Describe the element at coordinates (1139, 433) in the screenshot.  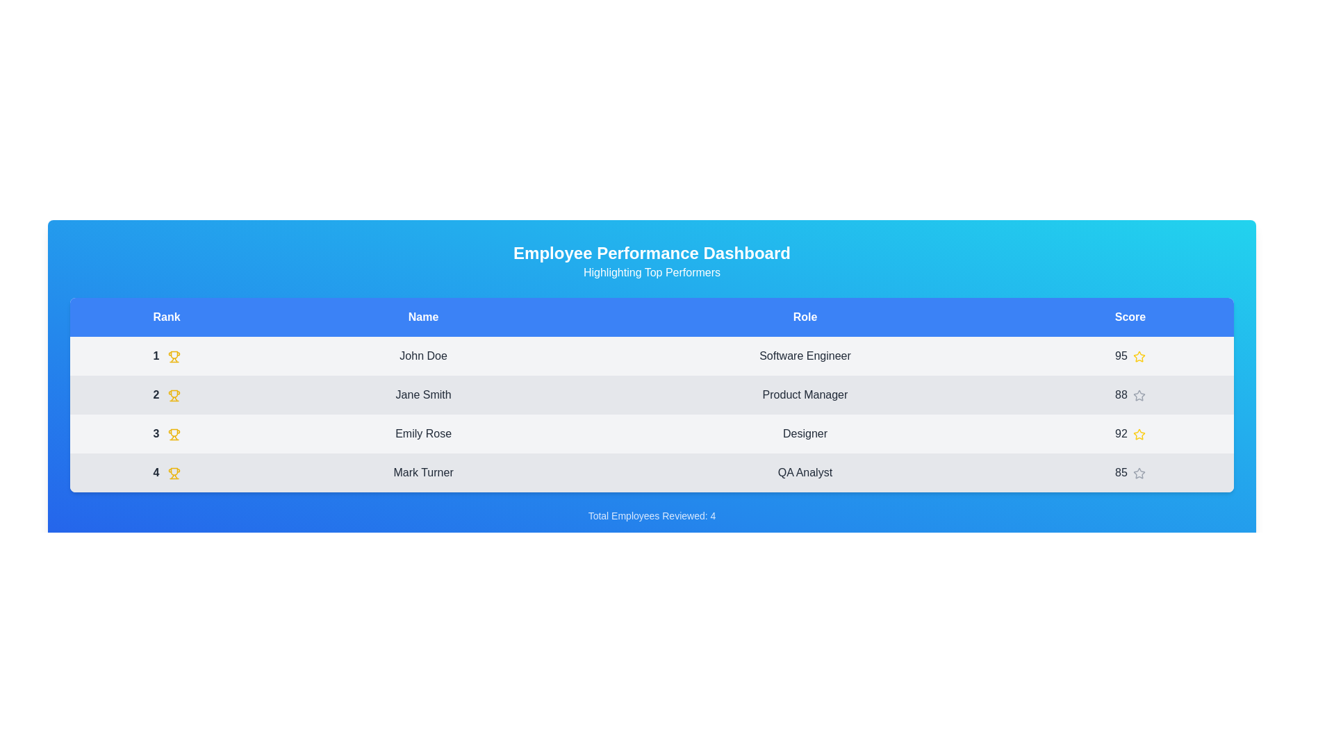
I see `the star icon to rate the employee with 3 stars` at that location.